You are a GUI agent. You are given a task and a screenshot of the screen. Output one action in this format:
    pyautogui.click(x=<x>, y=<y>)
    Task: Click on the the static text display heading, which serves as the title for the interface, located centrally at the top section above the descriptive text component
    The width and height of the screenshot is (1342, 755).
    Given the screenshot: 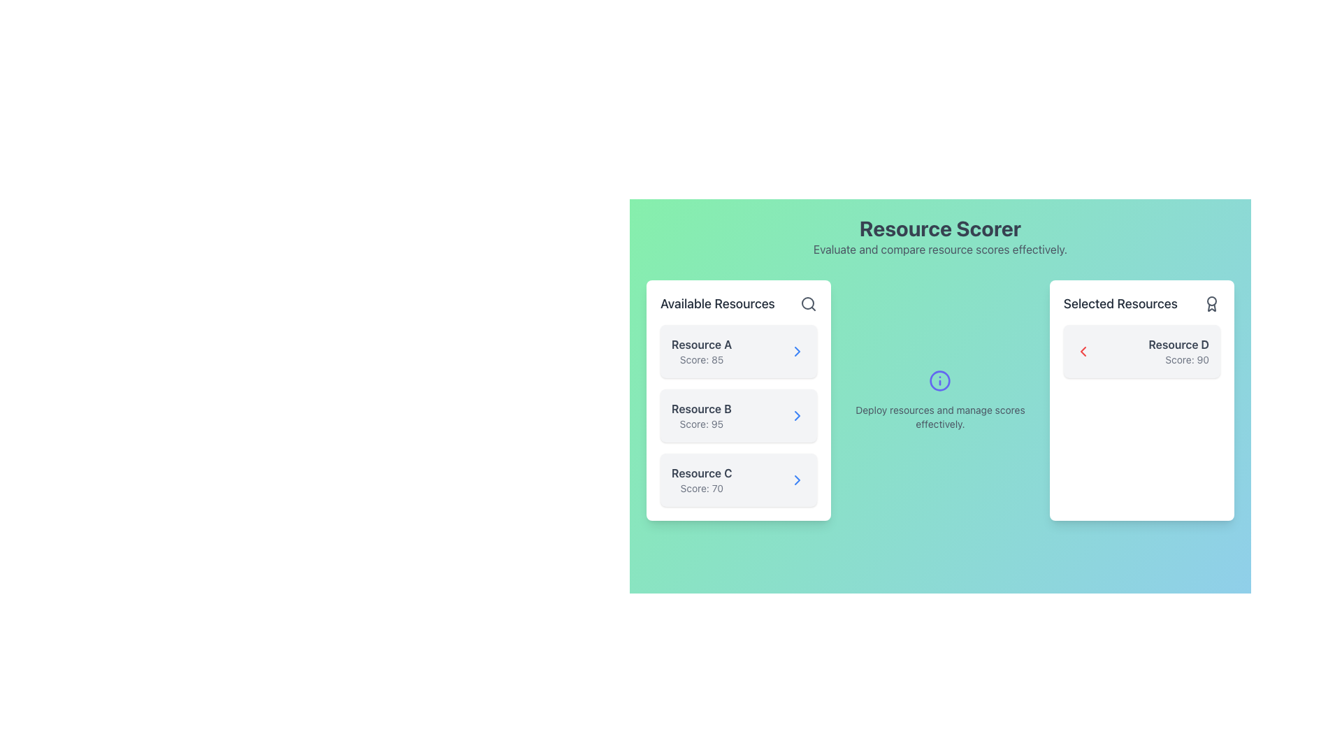 What is the action you would take?
    pyautogui.click(x=940, y=228)
    